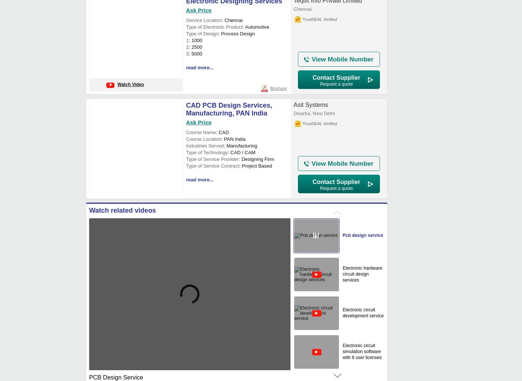 This screenshot has width=522, height=381. What do you see at coordinates (204, 139) in the screenshot?
I see `'Course Location'` at bounding box center [204, 139].